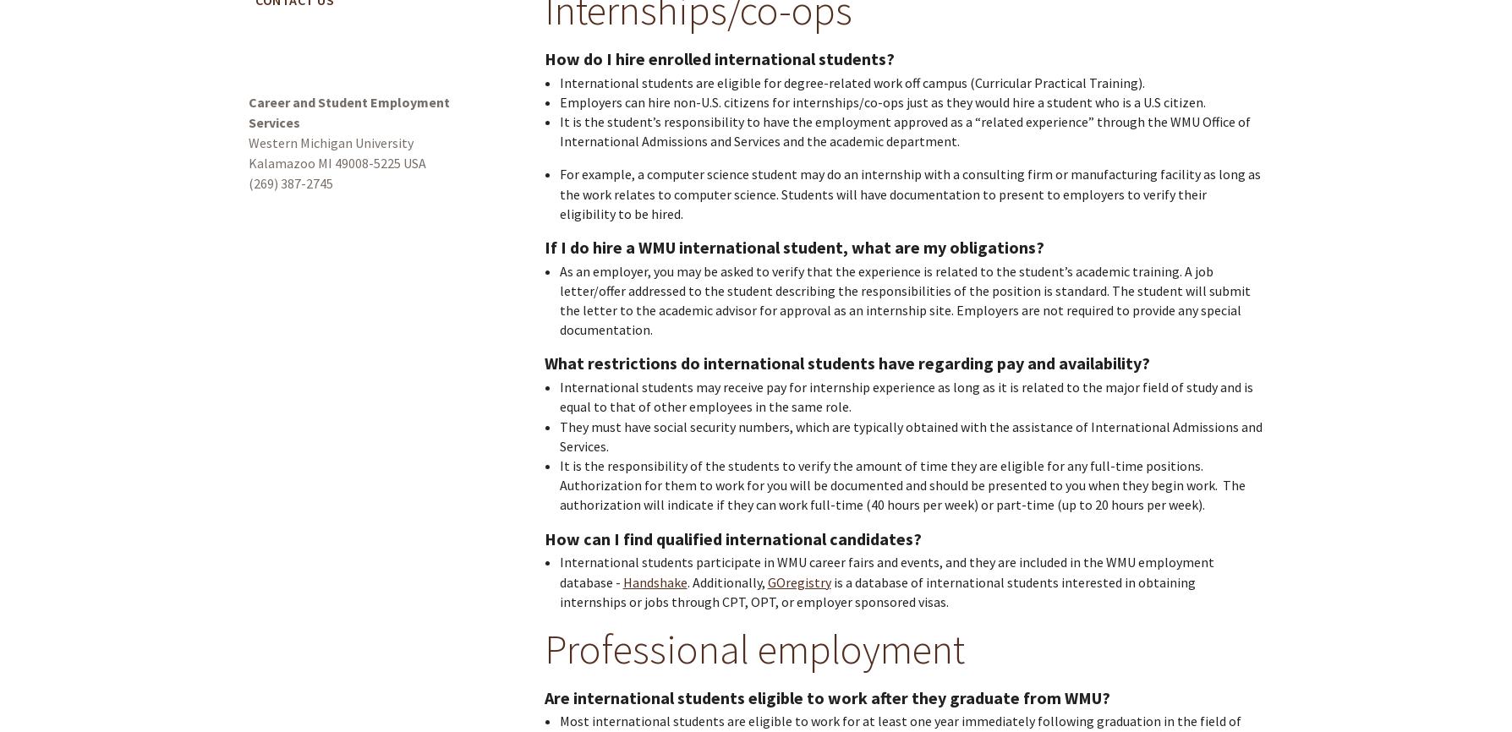 The width and height of the screenshot is (1512, 732). Describe the element at coordinates (901, 484) in the screenshot. I see `'It is the responsibility of the students to verify the amount of time they are eligible for any full-time positions.  Authorization for them to work for you will be documented and should be presented to you when they begin work.  The authorization will indicate if they can work full-time (40 hours per week) or part-time (up to 20 hours per week).'` at that location.